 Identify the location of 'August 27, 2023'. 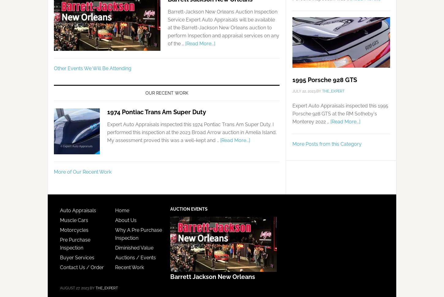
(74, 288).